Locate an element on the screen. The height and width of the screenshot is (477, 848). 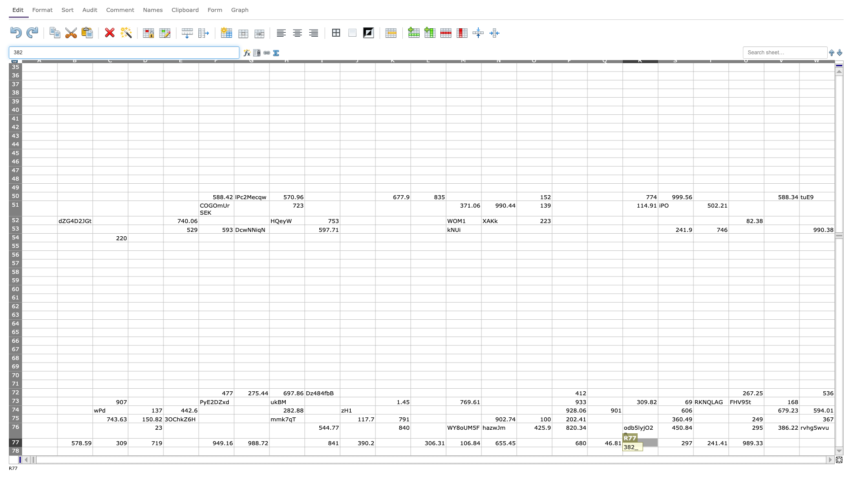
top left at column U row 78 is located at coordinates (729, 447).